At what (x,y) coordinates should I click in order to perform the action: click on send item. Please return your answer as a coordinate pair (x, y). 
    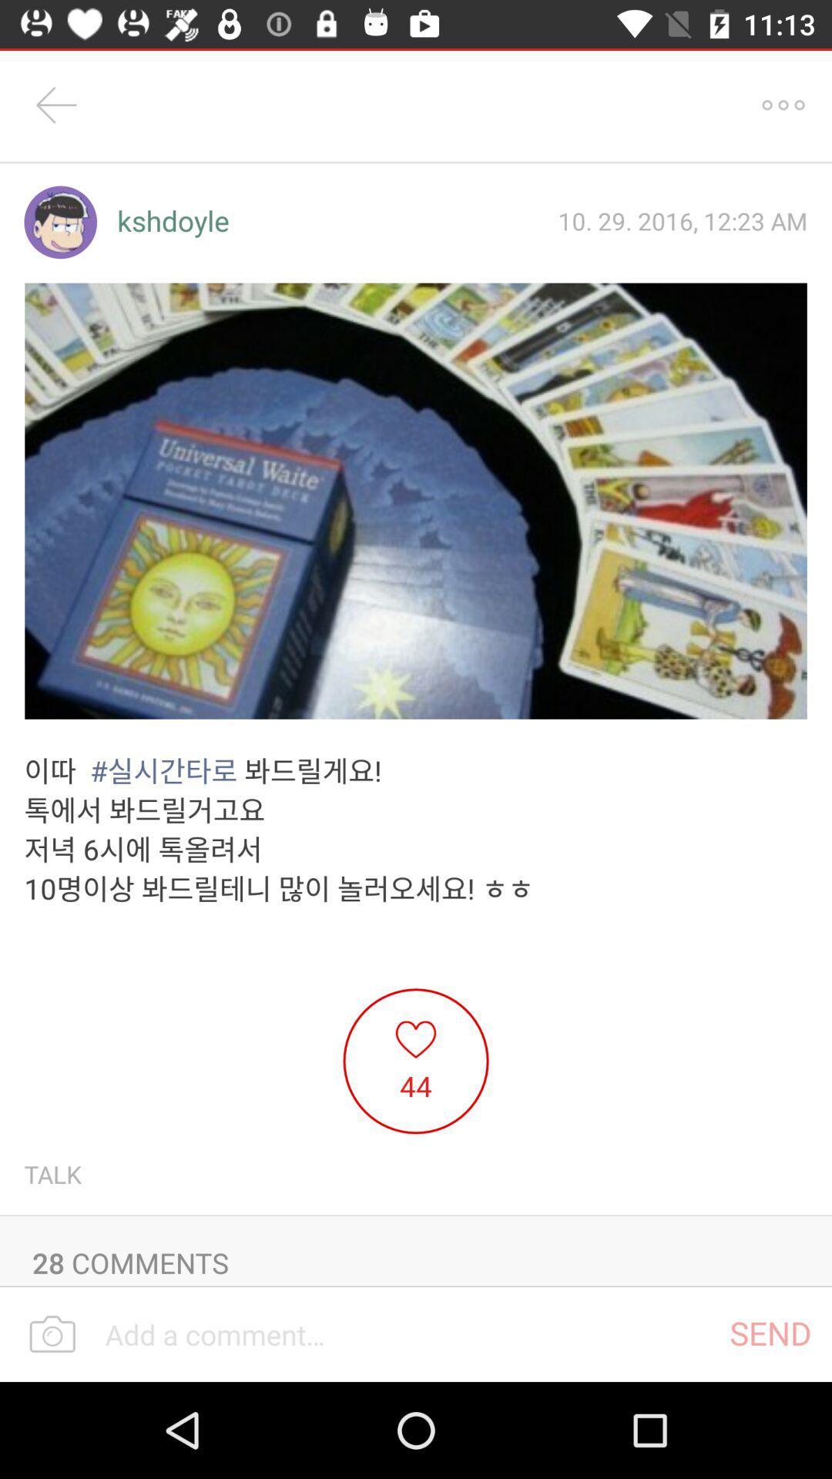
    Looking at the image, I should click on (770, 1332).